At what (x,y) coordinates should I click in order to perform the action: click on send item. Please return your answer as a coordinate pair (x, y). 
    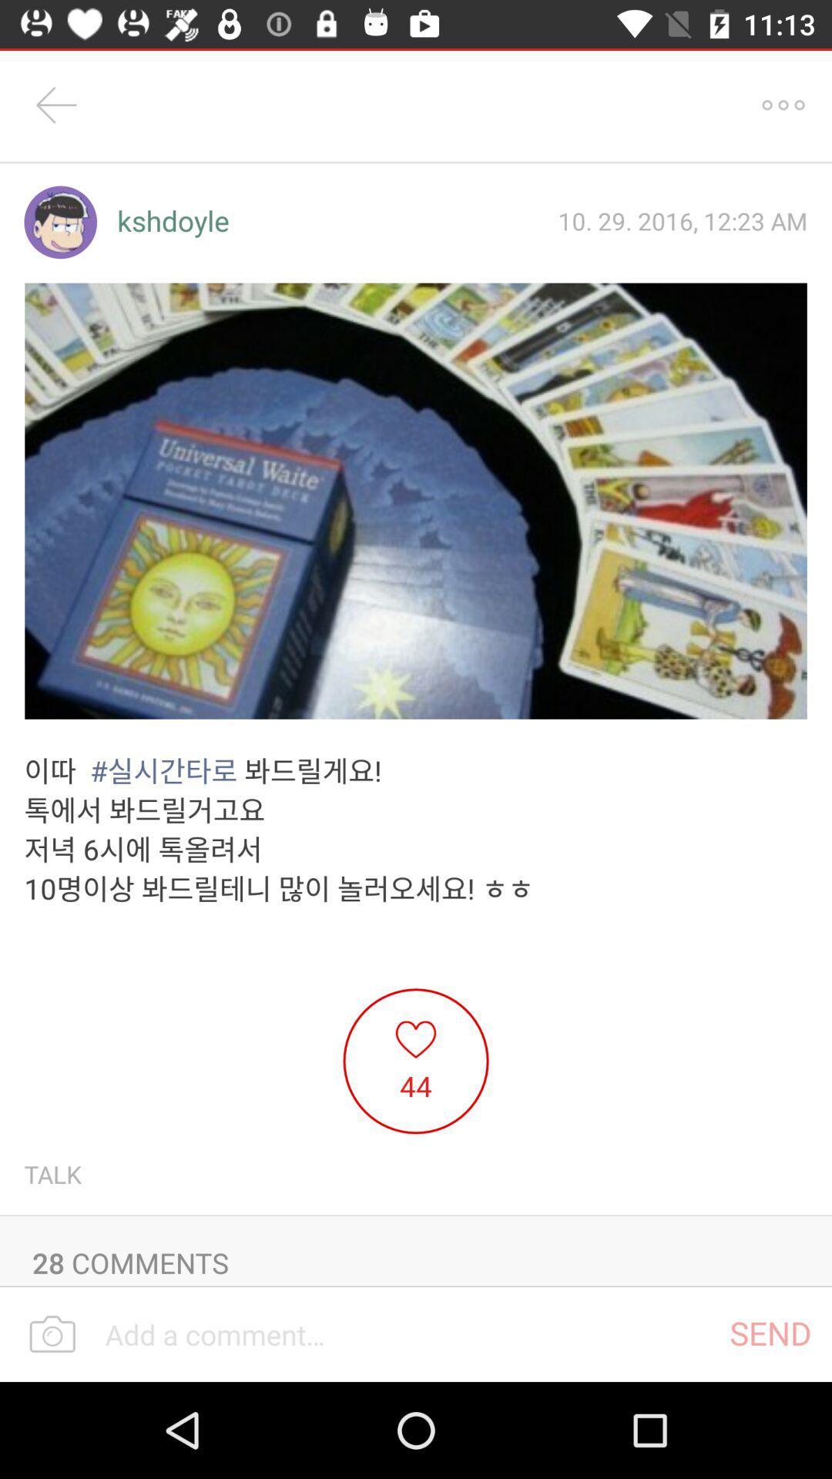
    Looking at the image, I should click on (770, 1332).